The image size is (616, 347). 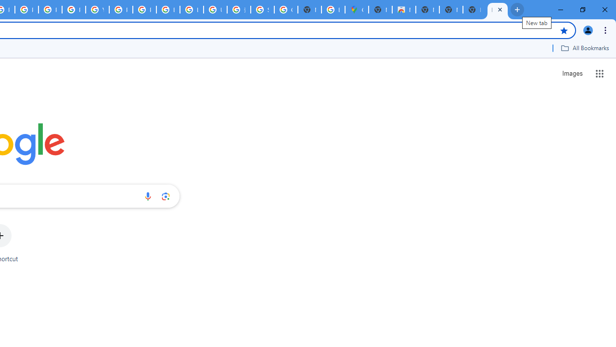 What do you see at coordinates (584, 48) in the screenshot?
I see `'All Bookmarks'` at bounding box center [584, 48].